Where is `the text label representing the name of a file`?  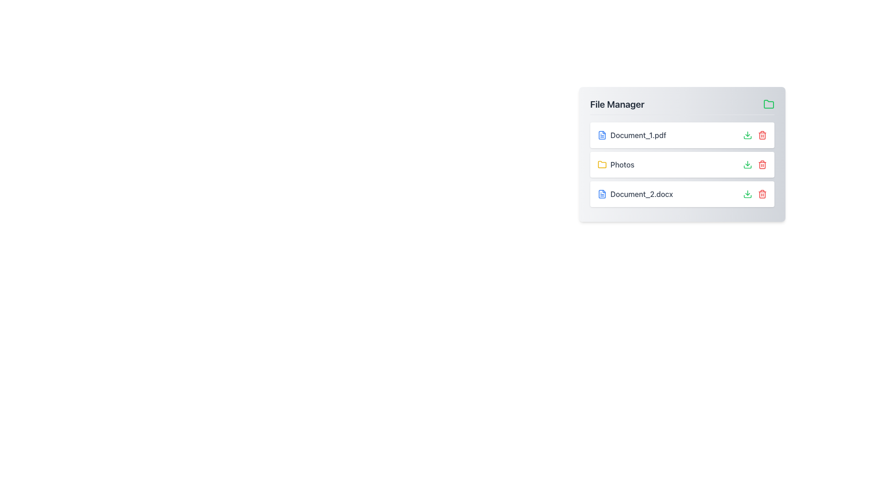 the text label representing the name of a file is located at coordinates (641, 193).